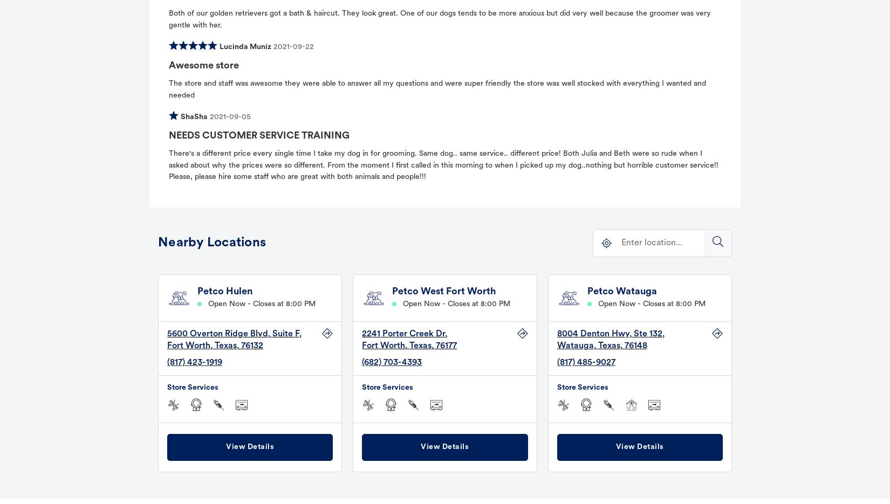 This screenshot has height=504, width=890. Describe the element at coordinates (458, 291) in the screenshot. I see `'West Fort Worth'` at that location.